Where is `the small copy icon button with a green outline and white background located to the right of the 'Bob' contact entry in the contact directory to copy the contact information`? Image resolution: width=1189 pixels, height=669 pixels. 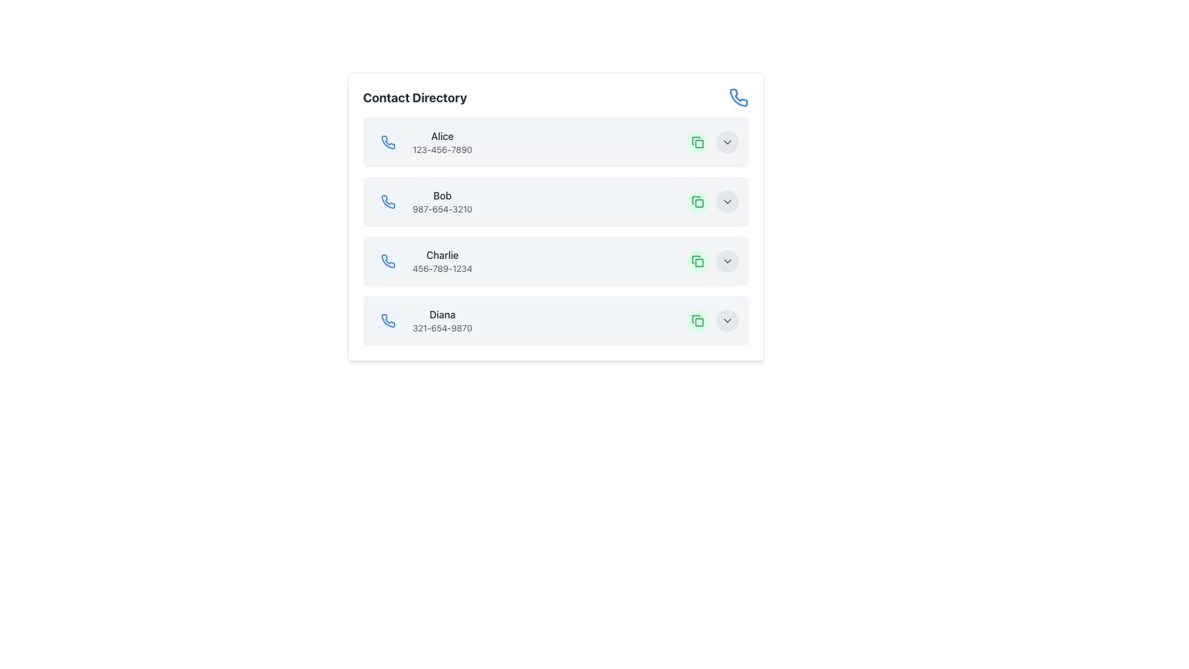 the small copy icon button with a green outline and white background located to the right of the 'Bob' contact entry in the contact directory to copy the contact information is located at coordinates (697, 201).